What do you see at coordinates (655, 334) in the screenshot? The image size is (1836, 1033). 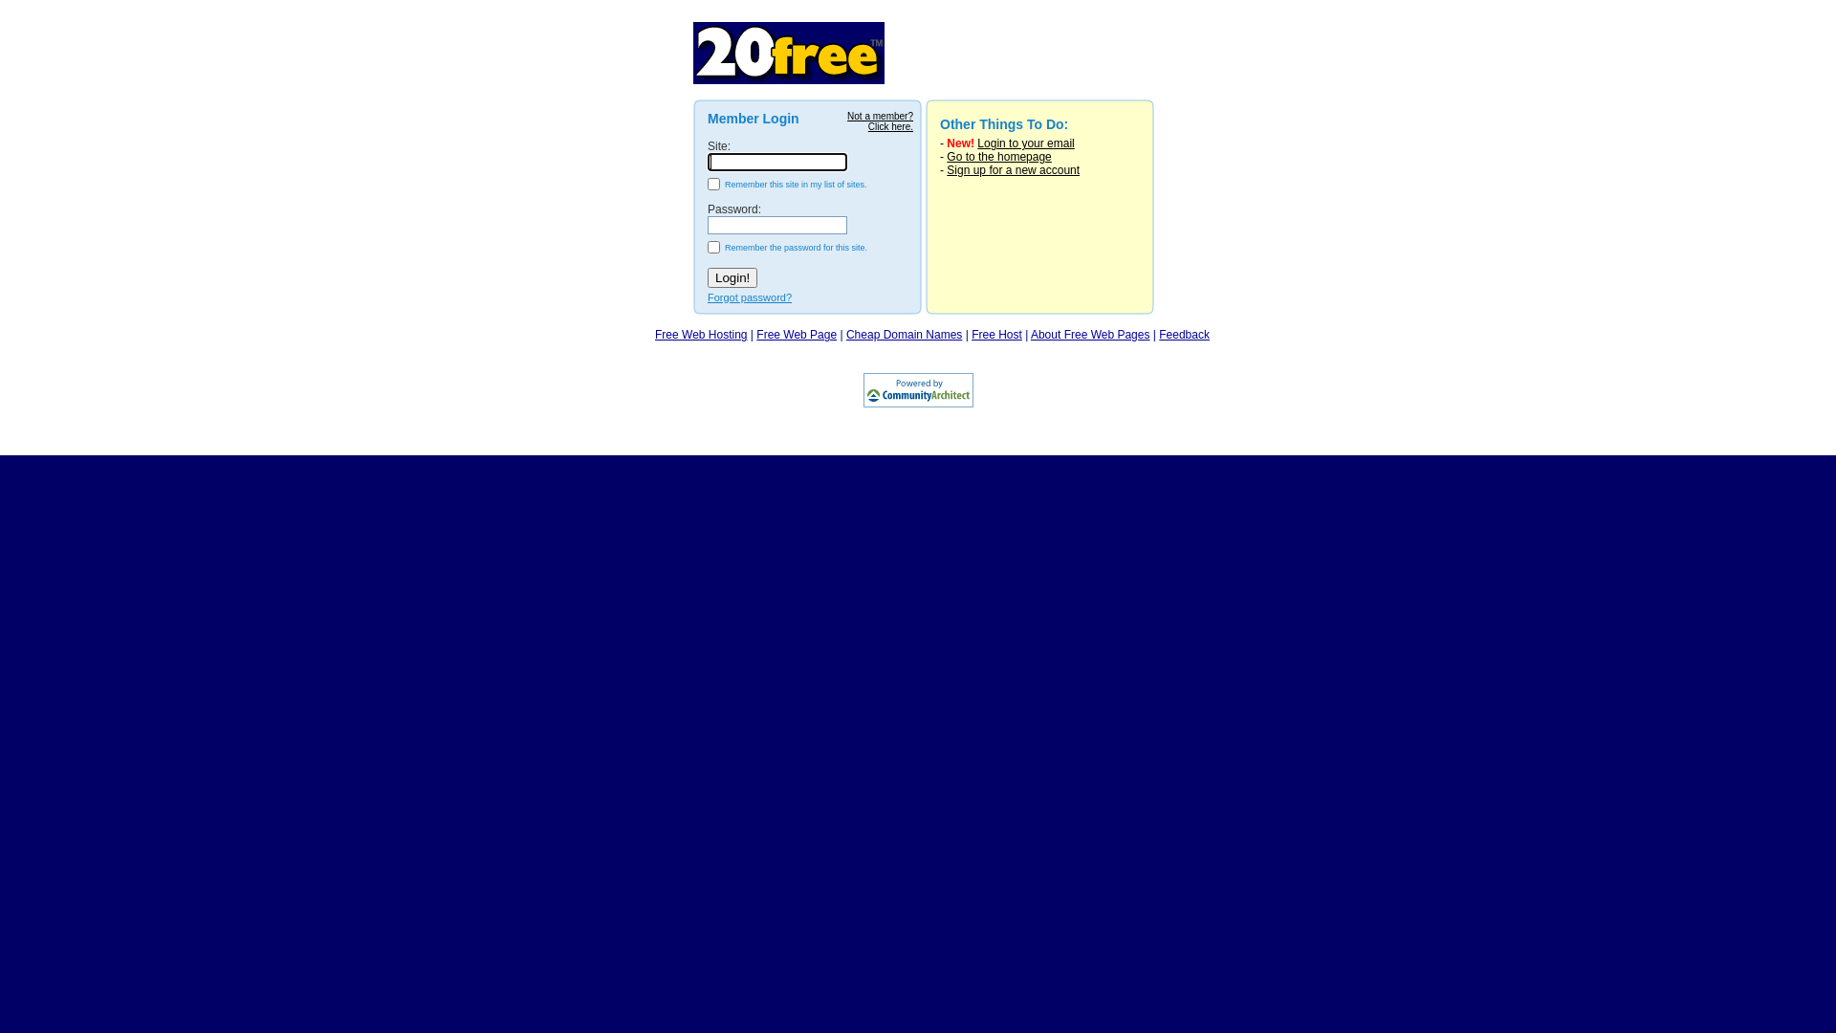 I see `'Free Web Hosting'` at bounding box center [655, 334].